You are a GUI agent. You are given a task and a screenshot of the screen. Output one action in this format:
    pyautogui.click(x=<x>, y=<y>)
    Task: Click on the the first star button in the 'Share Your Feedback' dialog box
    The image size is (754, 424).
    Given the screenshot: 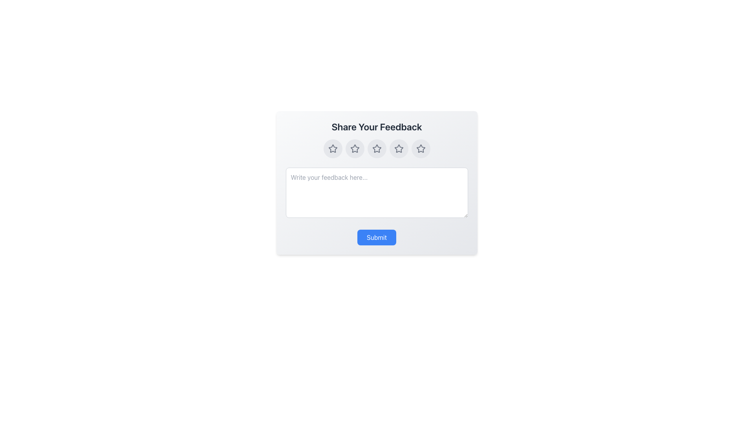 What is the action you would take?
    pyautogui.click(x=333, y=148)
    